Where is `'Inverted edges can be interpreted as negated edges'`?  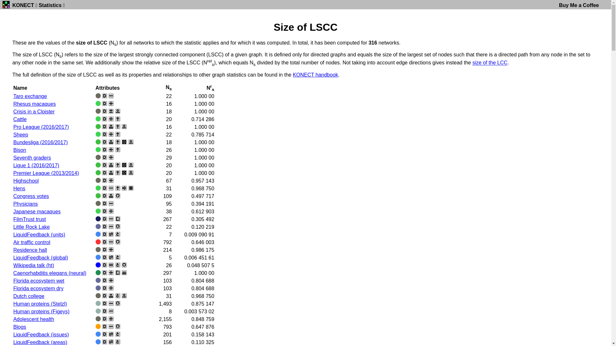 'Inverted edges can be interpreted as negated edges' is located at coordinates (117, 165).